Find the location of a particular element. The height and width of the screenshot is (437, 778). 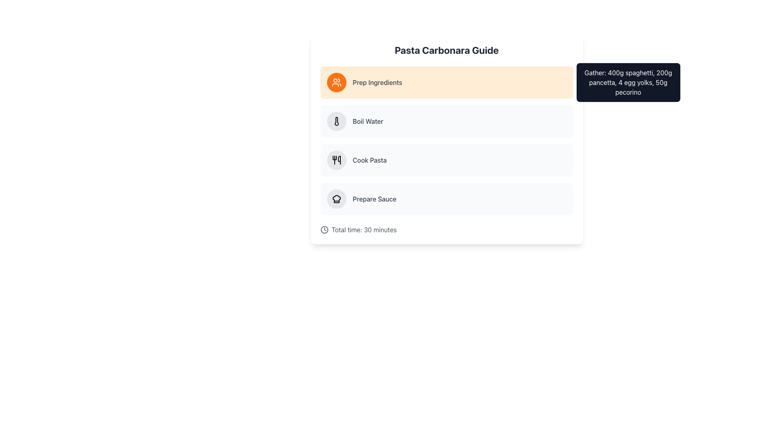

the food-related icon resembling a fork and knife in the 'Cook Pasta' list item is located at coordinates (336, 160).